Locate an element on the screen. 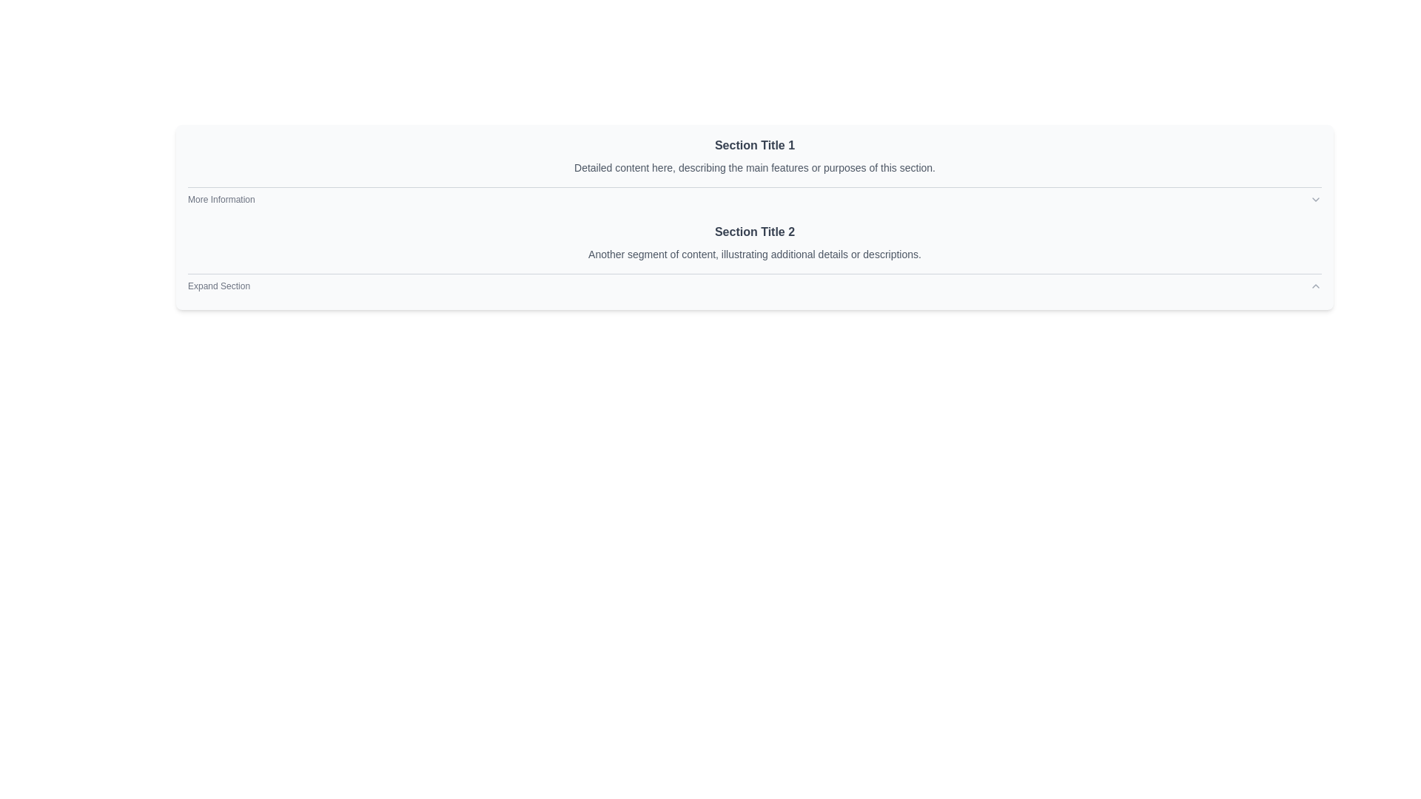 This screenshot has height=799, width=1421. the Header with Description element located between 'More Information' and 'Expand Section' is located at coordinates (754, 241).